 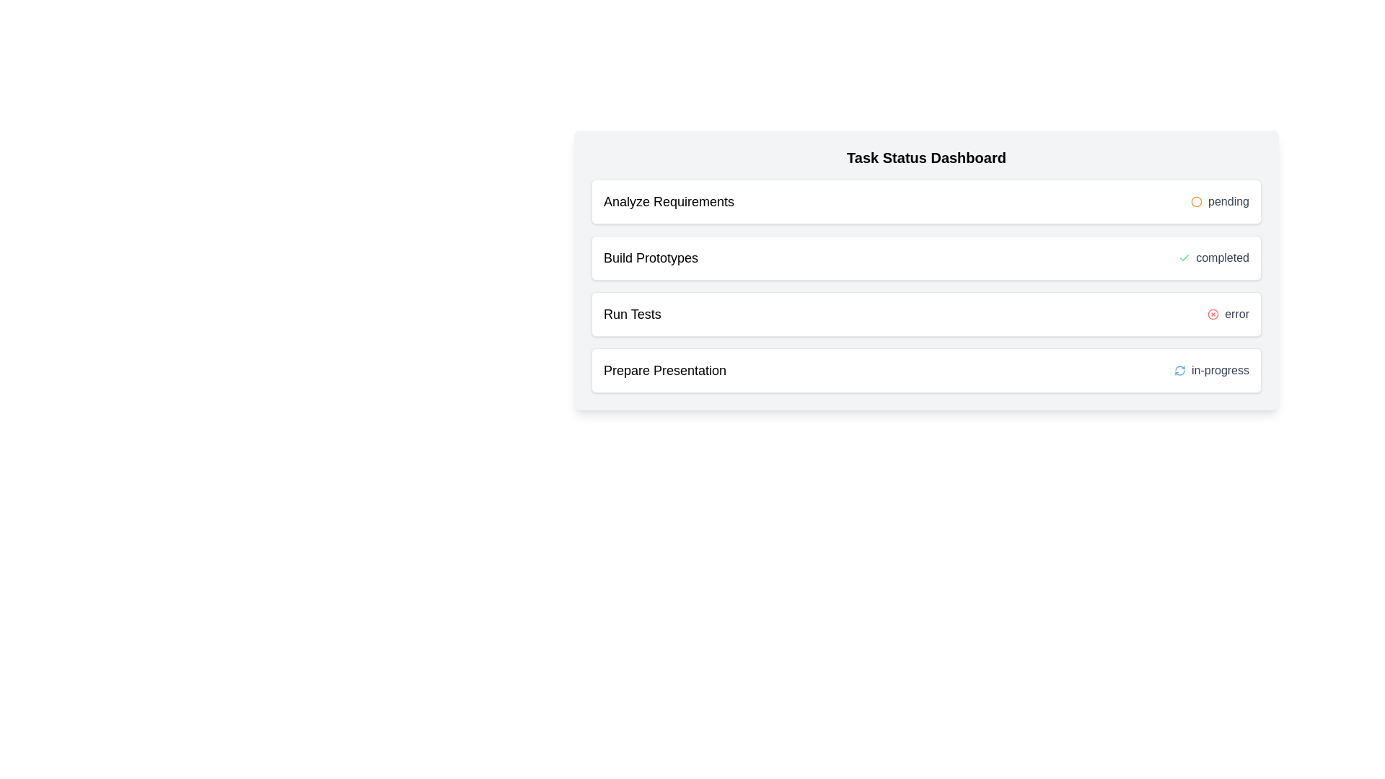 What do you see at coordinates (664, 369) in the screenshot?
I see `the non-interactive text label that indicates the title or description of the task, located as the first content block within the last card of the list` at bounding box center [664, 369].